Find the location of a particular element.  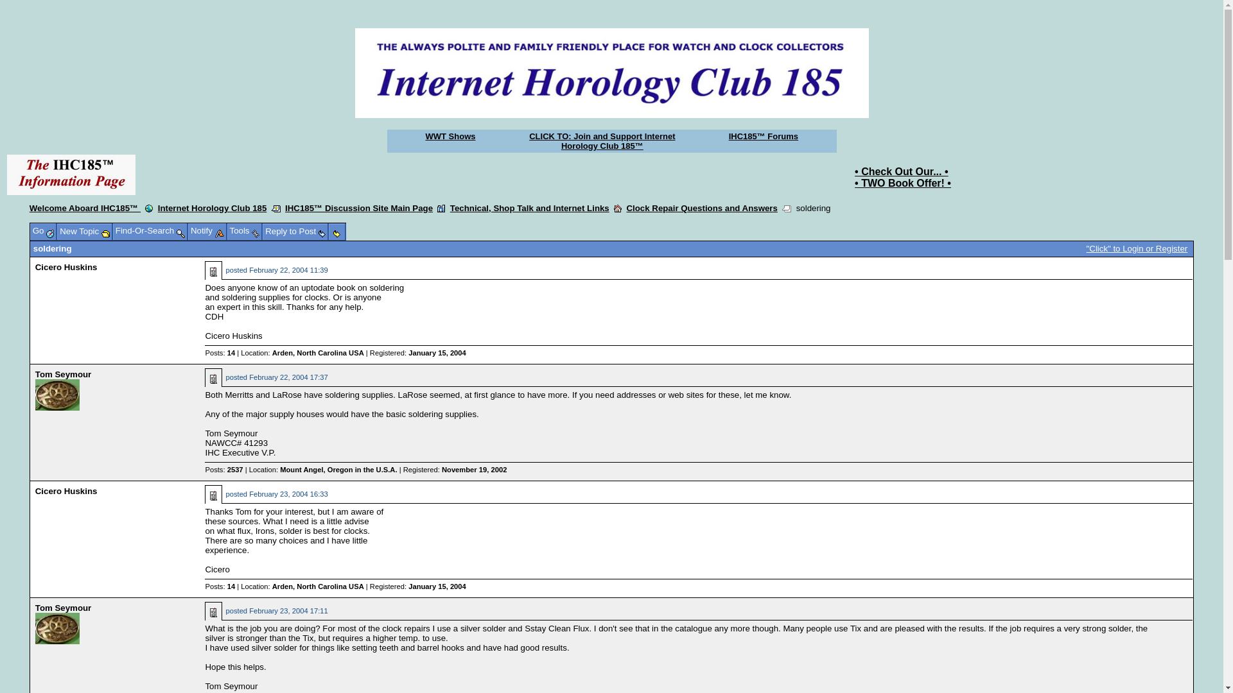

'Posts: 14' is located at coordinates (204, 353).